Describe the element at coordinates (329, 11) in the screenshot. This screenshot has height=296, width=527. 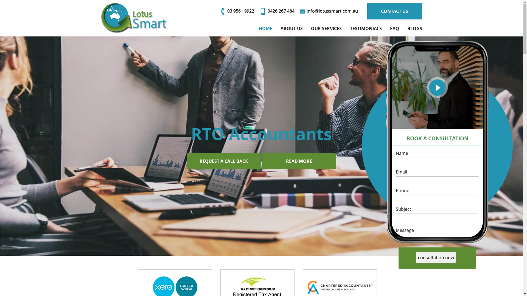
I see `'info@lotussmart.com.au'` at that location.